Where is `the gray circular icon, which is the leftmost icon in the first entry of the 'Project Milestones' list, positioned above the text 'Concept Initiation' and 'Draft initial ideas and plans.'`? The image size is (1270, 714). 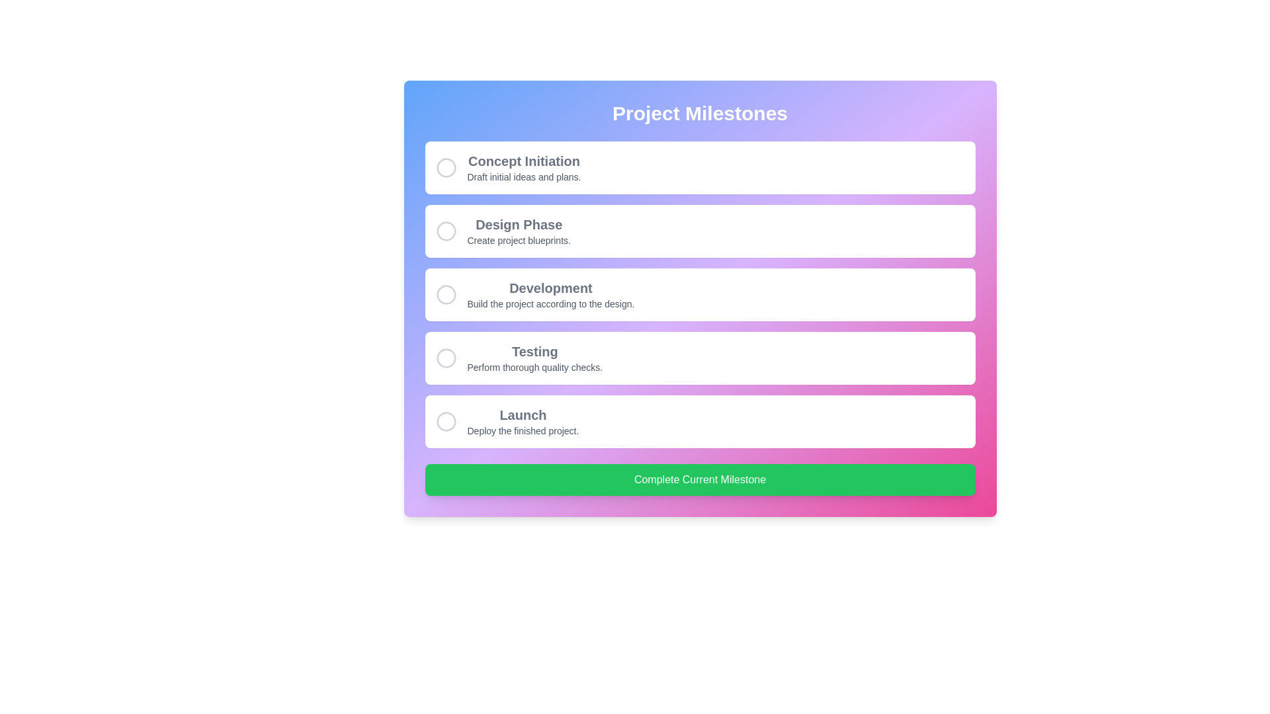 the gray circular icon, which is the leftmost icon in the first entry of the 'Project Milestones' list, positioned above the text 'Concept Initiation' and 'Draft initial ideas and plans.' is located at coordinates (446, 167).